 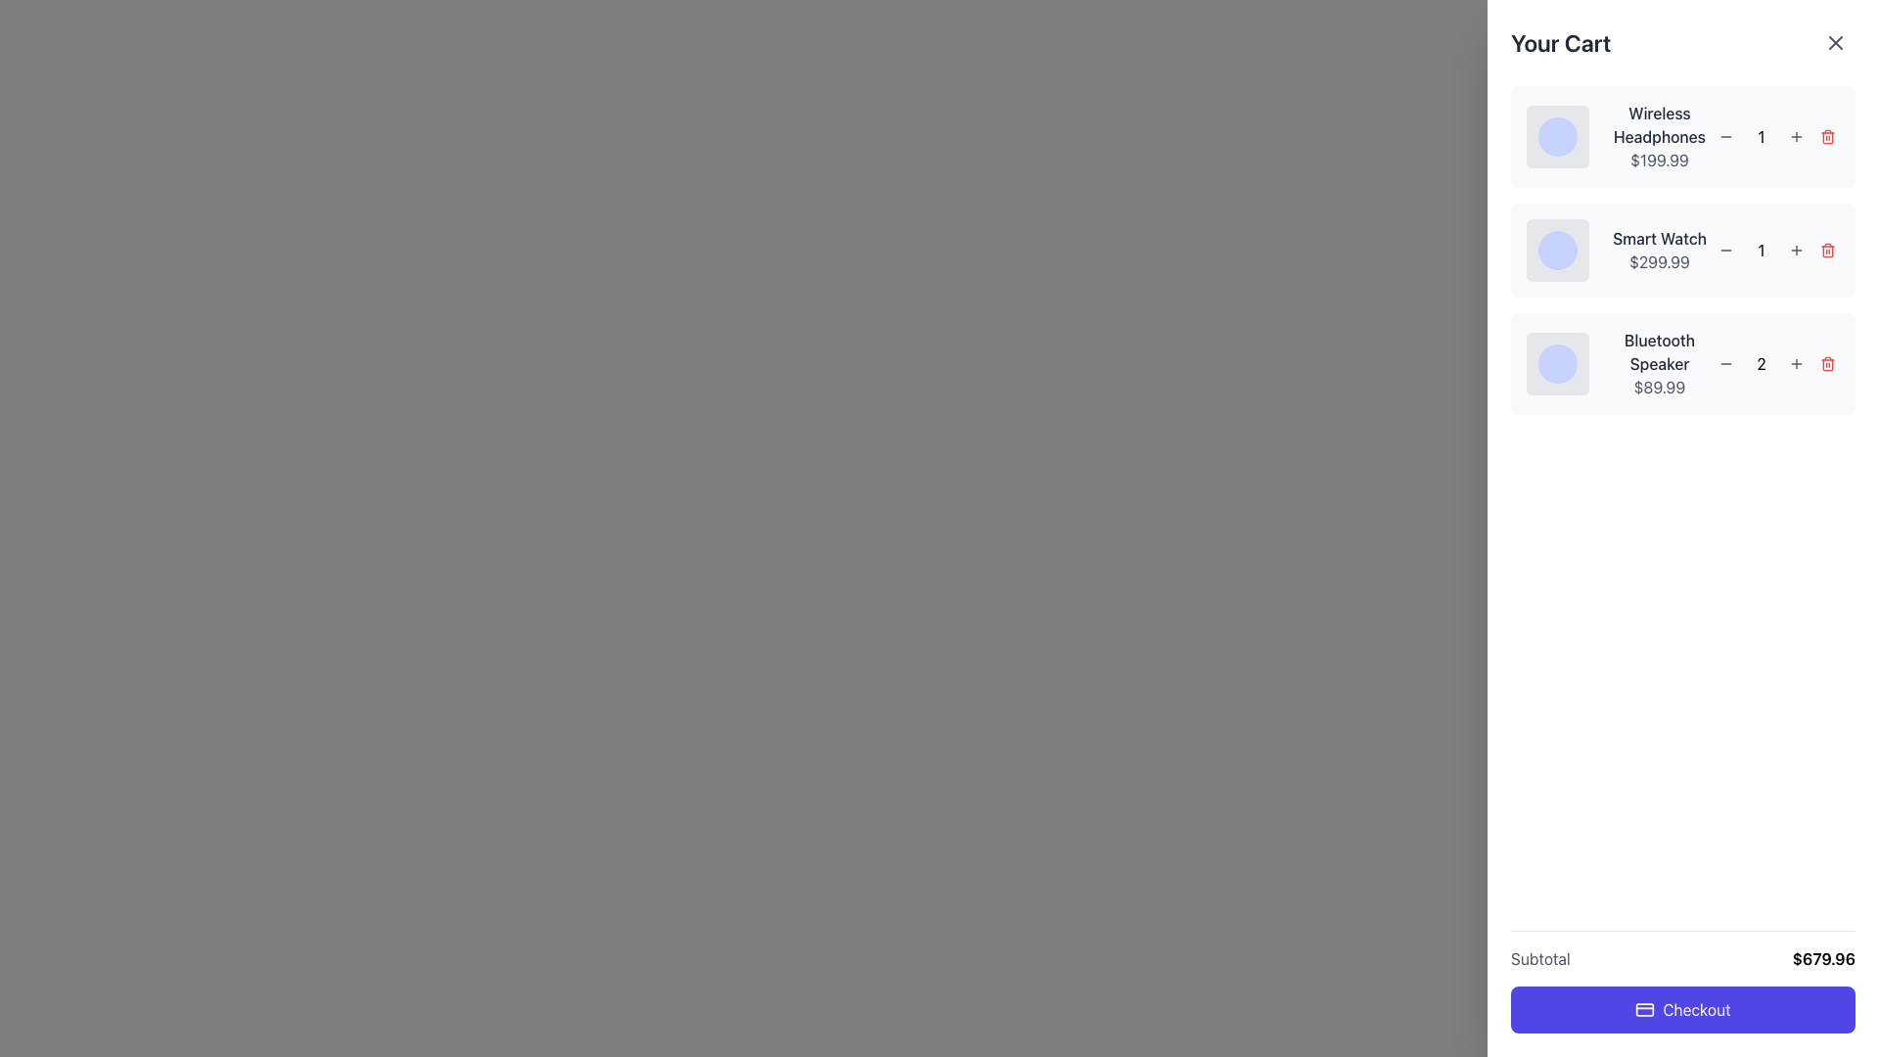 I want to click on the Text block that showcases product details in the shopping cart summary, positioned as the second list item between 'Wireless Headphones' and 'Bluetooth Speaker', so click(x=1658, y=249).